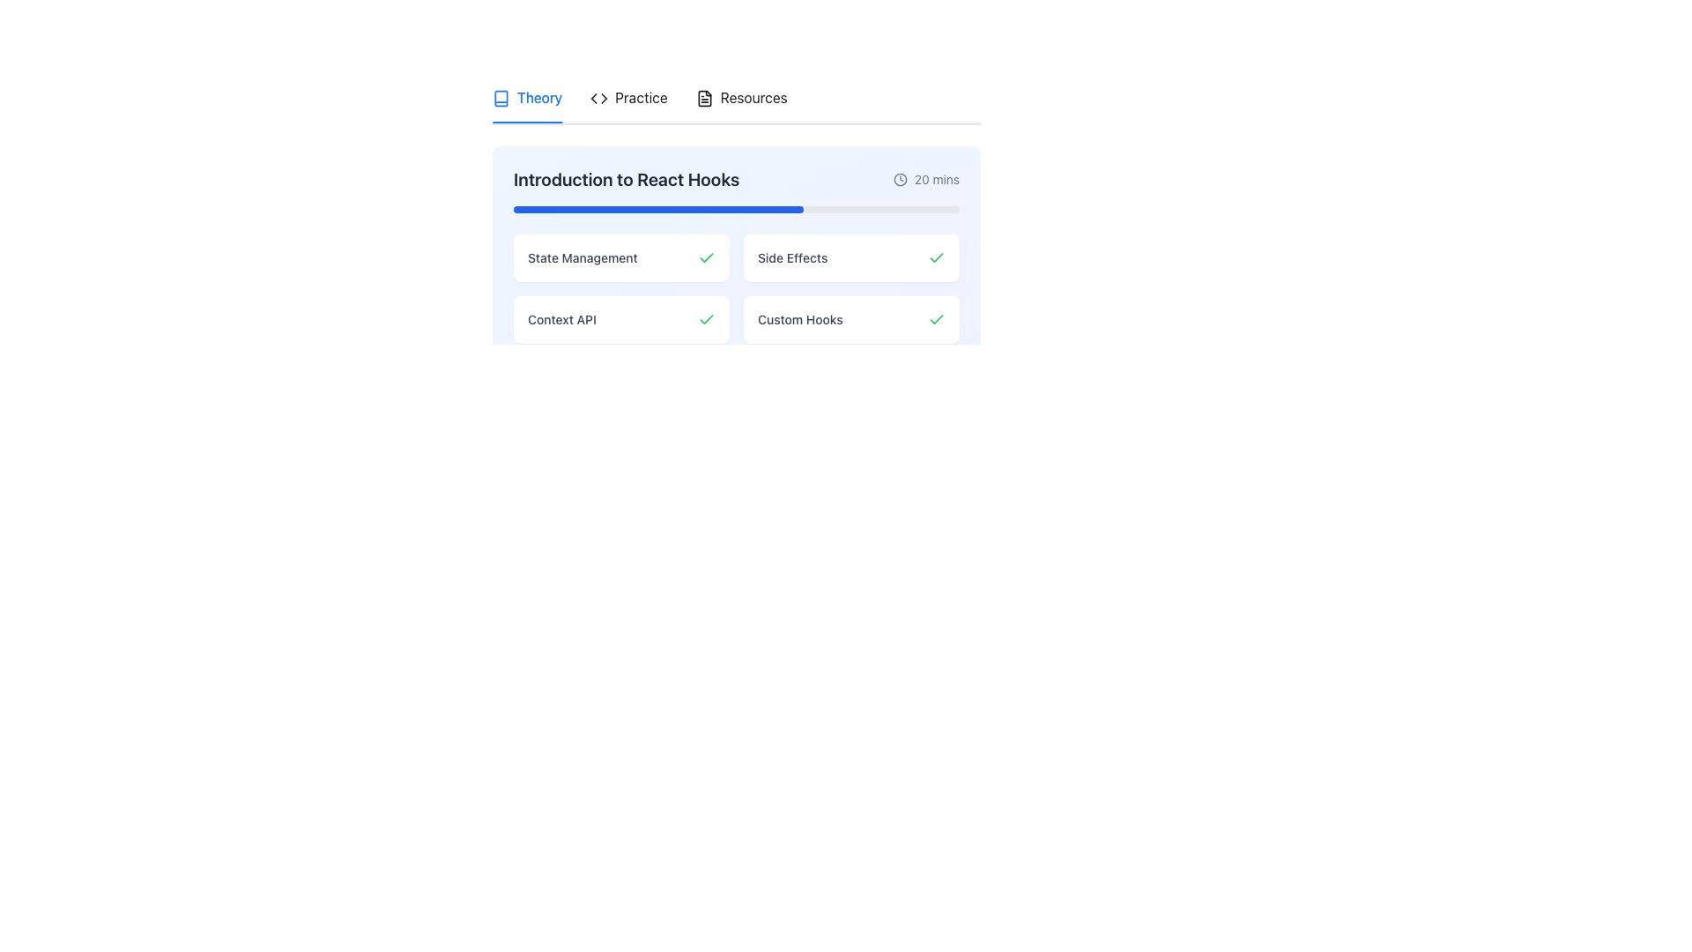 This screenshot has width=1692, height=952. I want to click on the text label displaying 'Theory' located in the navigation bar, adjacent to the book icon on its left, so click(538, 98).